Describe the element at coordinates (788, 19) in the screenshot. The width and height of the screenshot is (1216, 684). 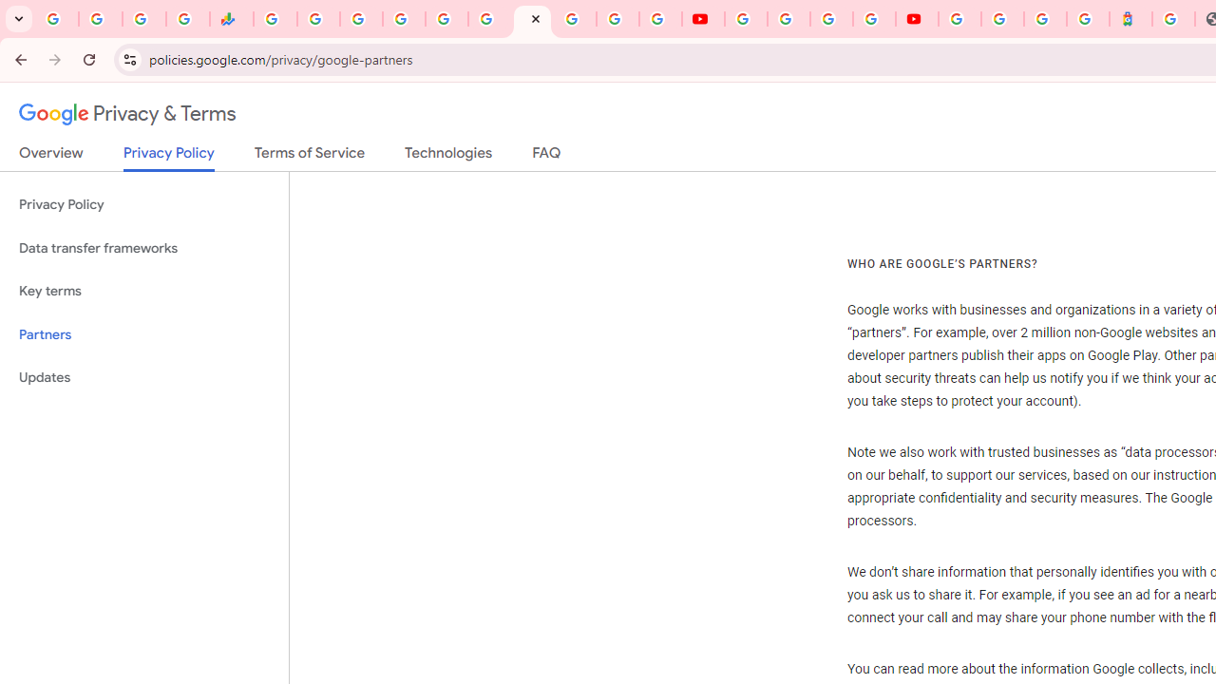
I see `'Google Account Help'` at that location.